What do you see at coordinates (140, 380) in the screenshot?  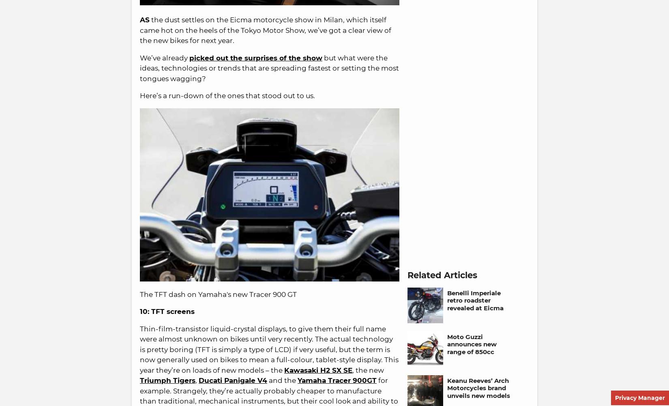 I see `'Triumph Tigers'` at bounding box center [140, 380].